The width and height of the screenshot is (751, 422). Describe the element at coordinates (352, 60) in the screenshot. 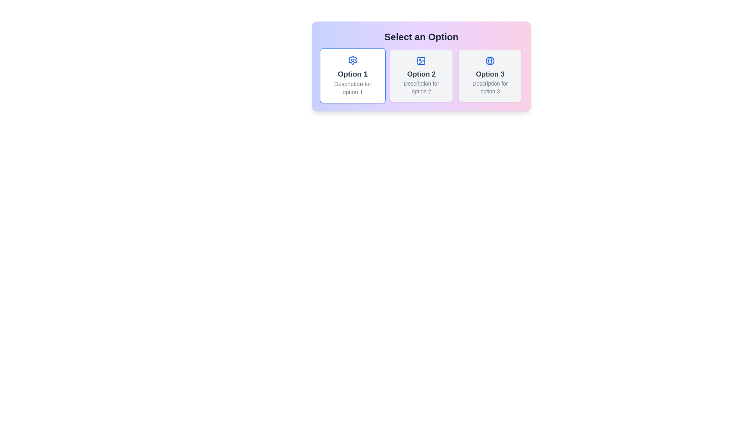

I see `the settings icon located at the top-center of the card representing Option 1, above the text content` at that location.